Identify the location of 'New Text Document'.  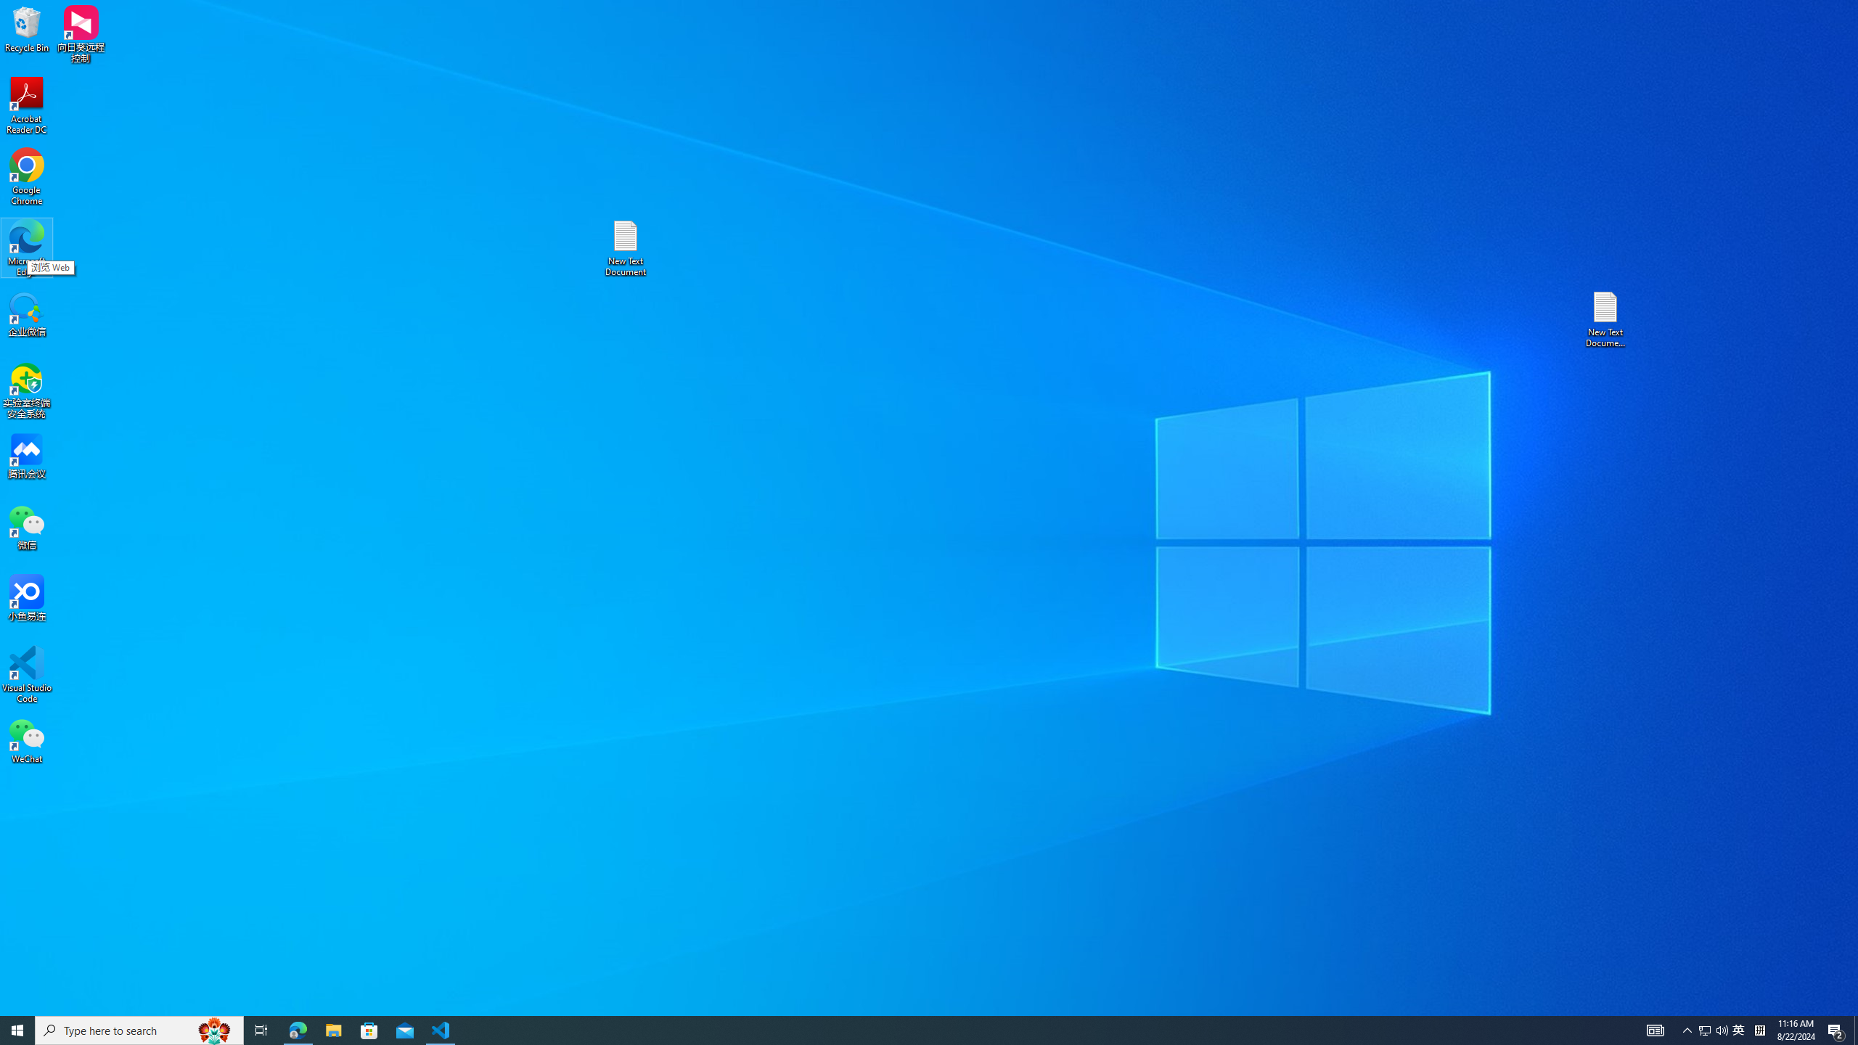
(624, 247).